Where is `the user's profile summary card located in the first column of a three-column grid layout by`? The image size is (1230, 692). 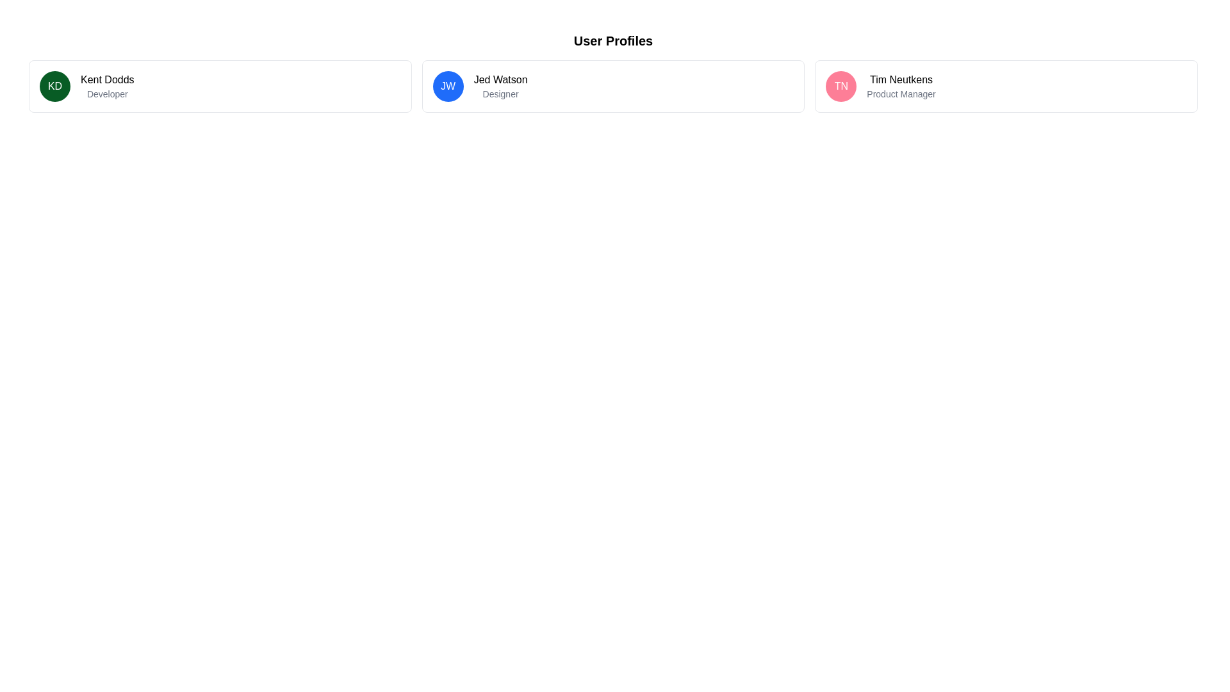 the user's profile summary card located in the first column of a three-column grid layout by is located at coordinates (220, 86).